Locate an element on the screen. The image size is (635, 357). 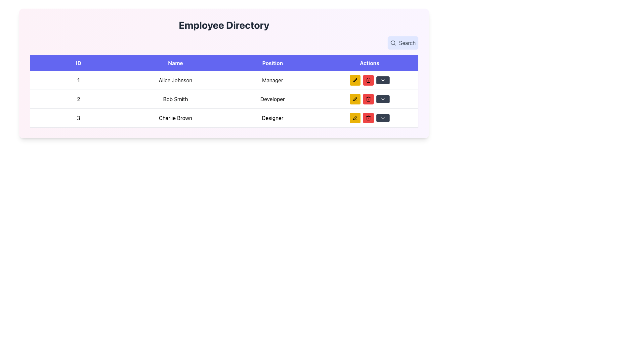
the text label 'ID' which is displayed with white-colored text on a bold purple background, located in the upper-left section of the table header row is located at coordinates (78, 63).